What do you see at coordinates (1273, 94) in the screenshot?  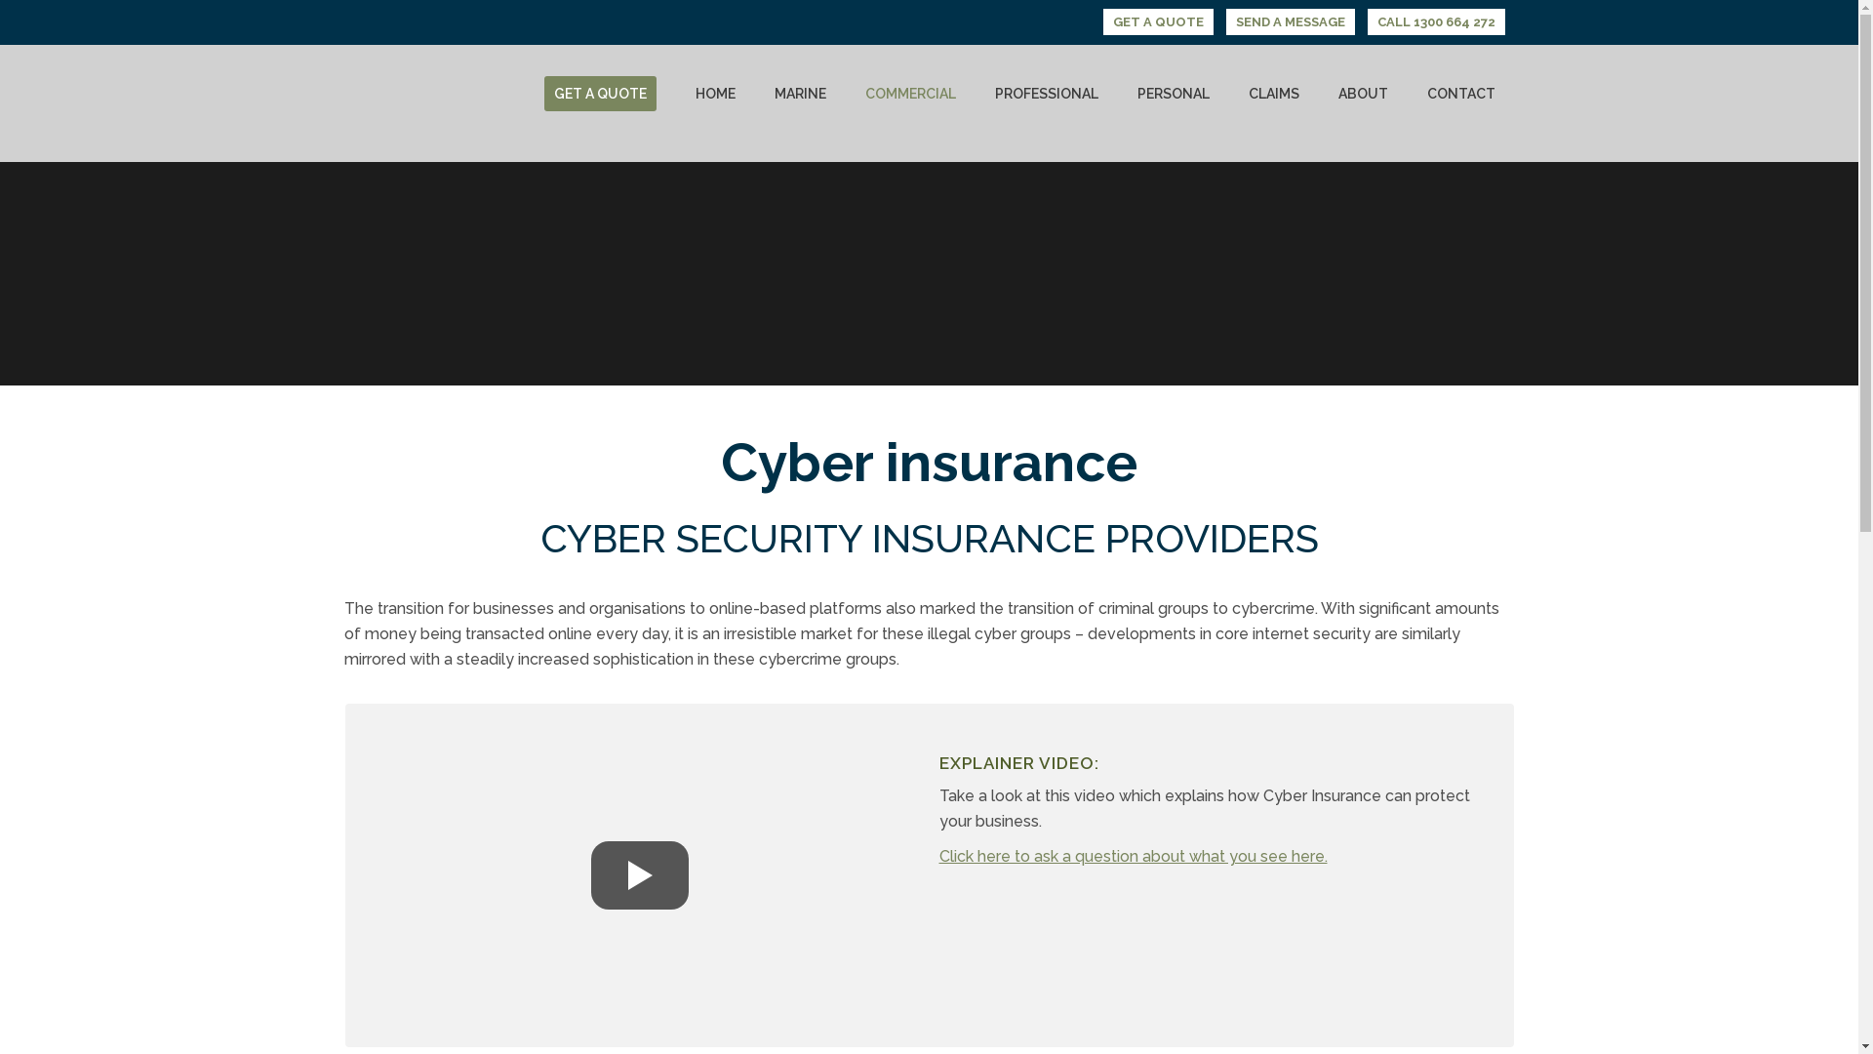 I see `'CLAIMS'` at bounding box center [1273, 94].